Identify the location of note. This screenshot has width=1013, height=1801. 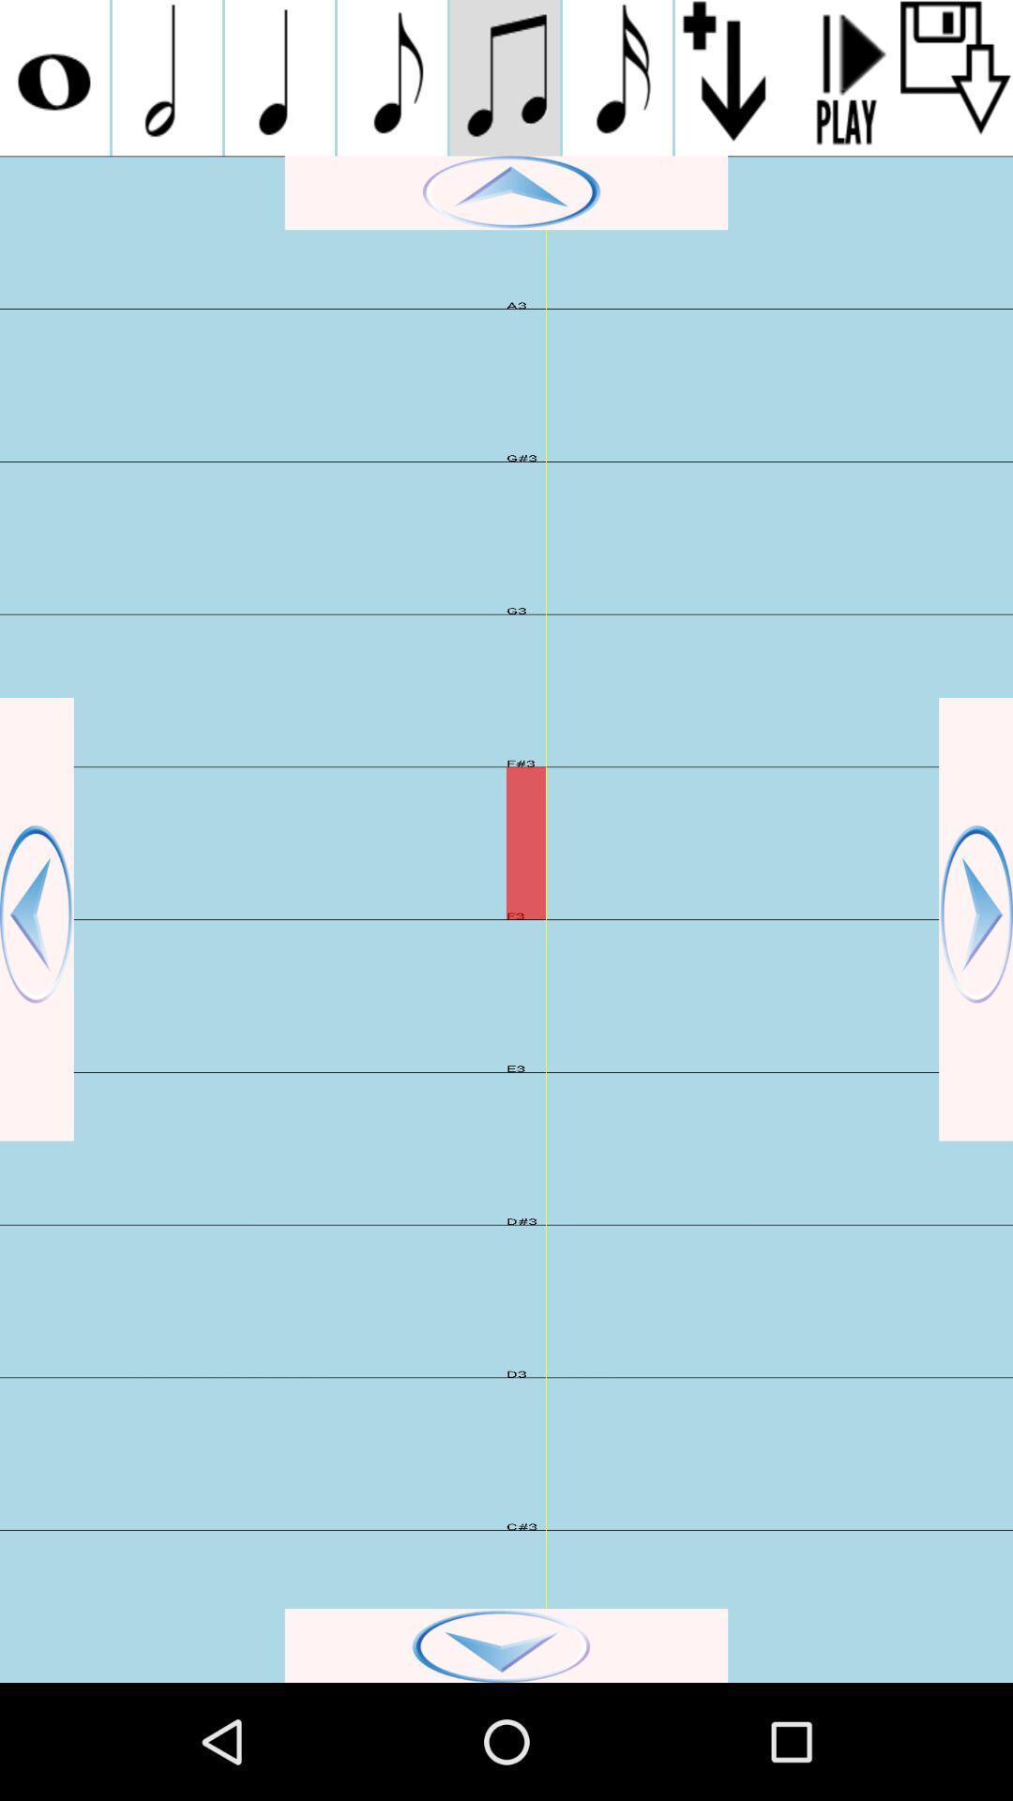
(504, 77).